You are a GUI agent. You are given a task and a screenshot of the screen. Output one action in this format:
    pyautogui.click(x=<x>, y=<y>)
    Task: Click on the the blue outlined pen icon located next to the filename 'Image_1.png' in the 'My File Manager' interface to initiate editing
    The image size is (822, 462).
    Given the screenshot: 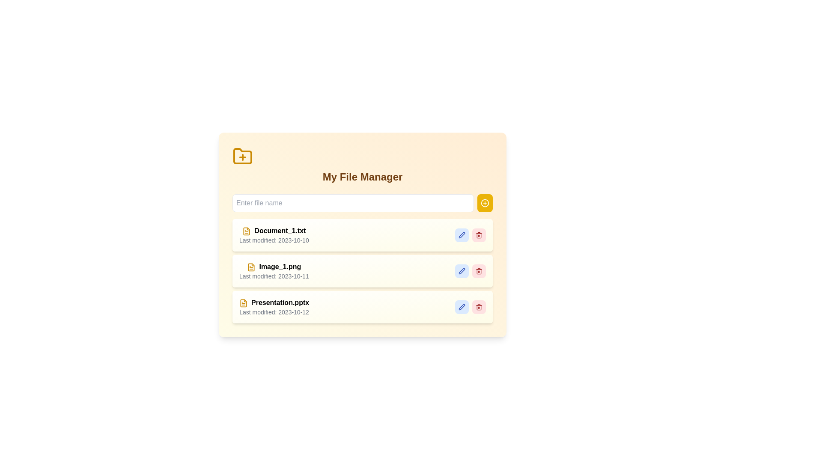 What is the action you would take?
    pyautogui.click(x=462, y=271)
    